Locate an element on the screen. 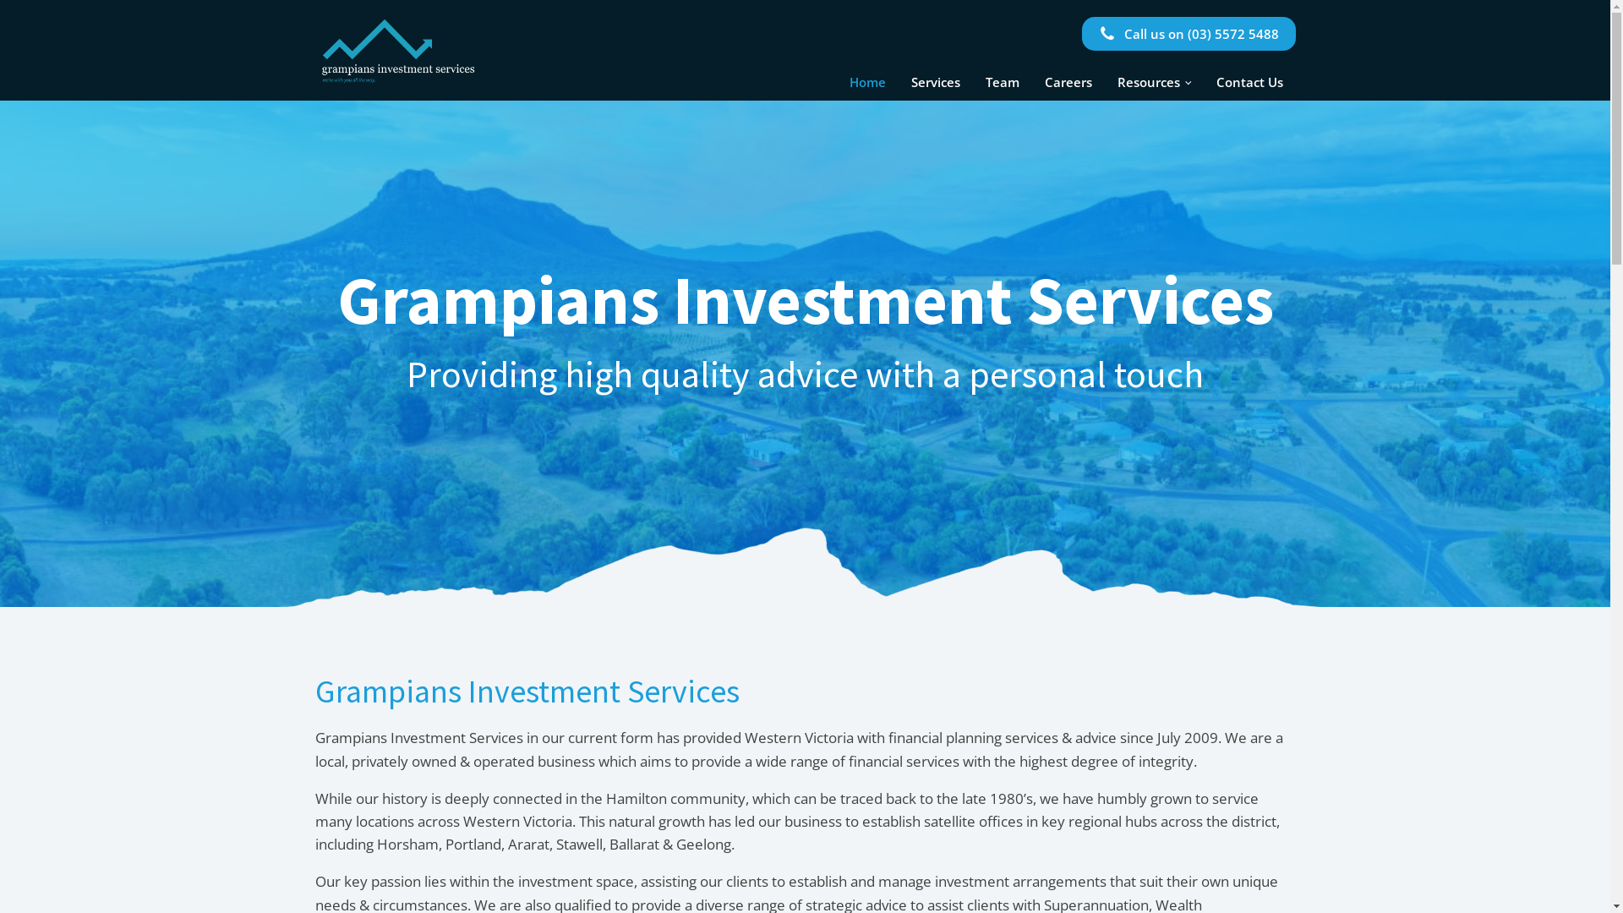 Image resolution: width=1623 pixels, height=913 pixels. 'Call us on (03) 5572 5488' is located at coordinates (1188, 33).